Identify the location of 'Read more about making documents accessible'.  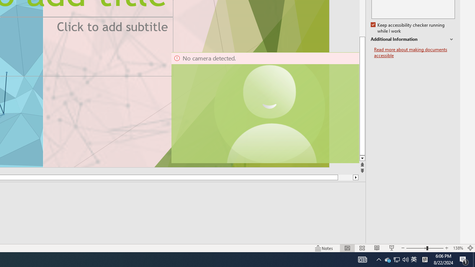
(414, 52).